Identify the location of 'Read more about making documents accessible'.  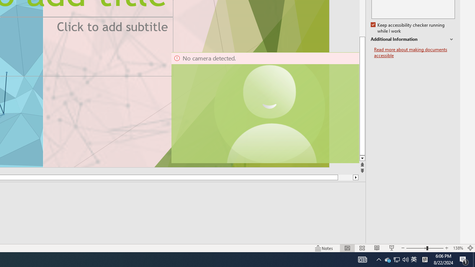
(414, 52).